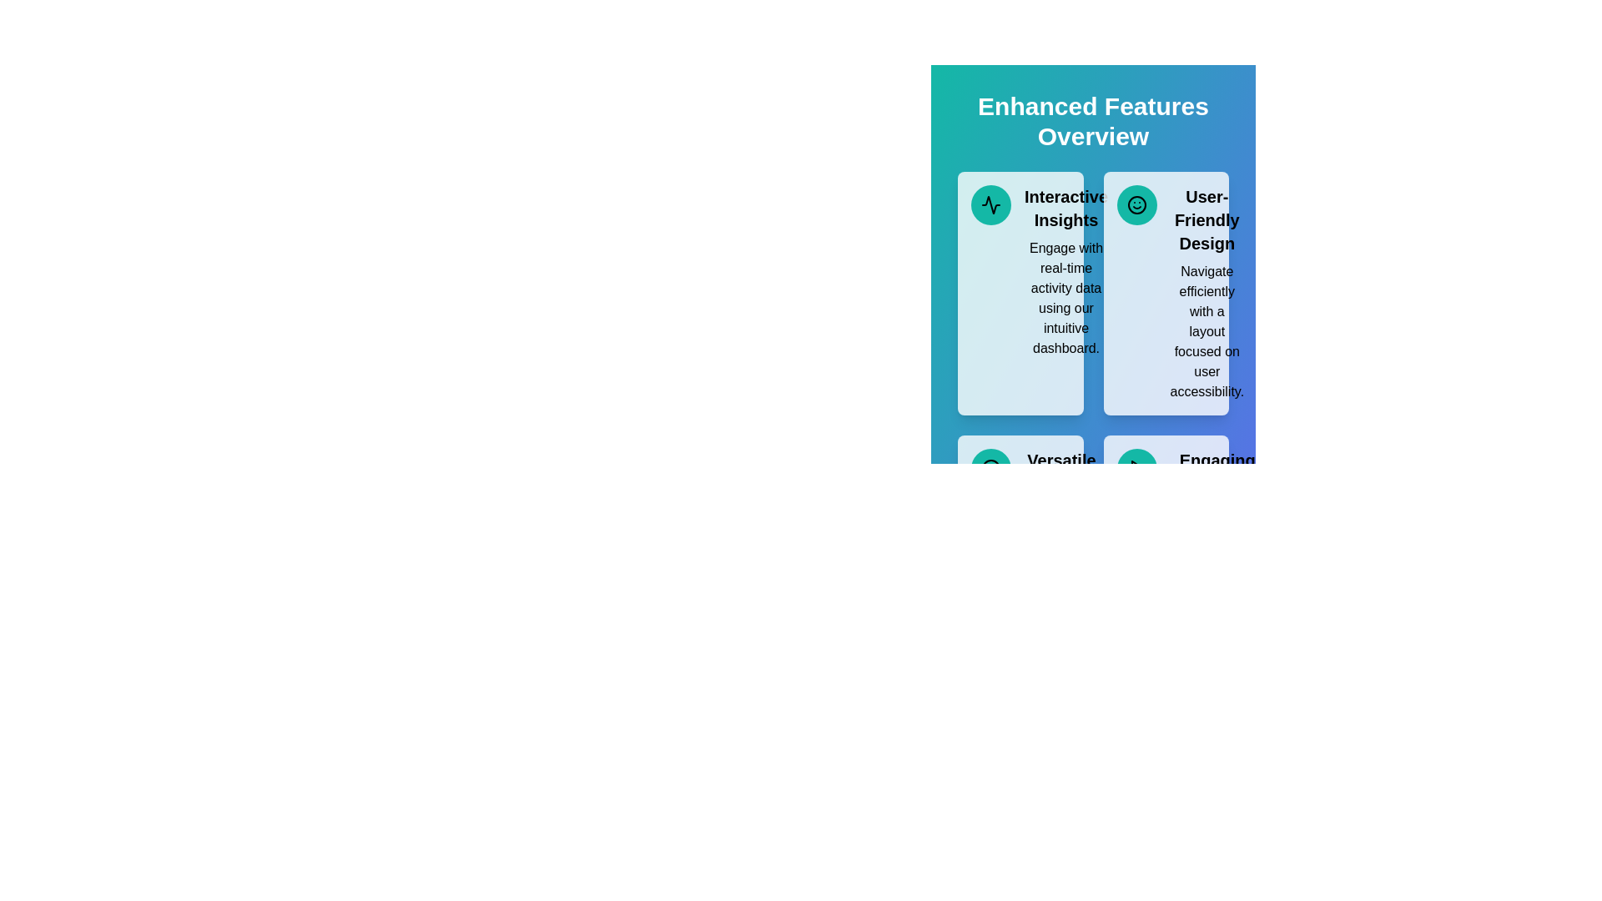  What do you see at coordinates (1136, 469) in the screenshot?
I see `the teal circular play icon located at the bottom center of the highlighted section of the interface, directly below the 'Engaging Content' card` at bounding box center [1136, 469].